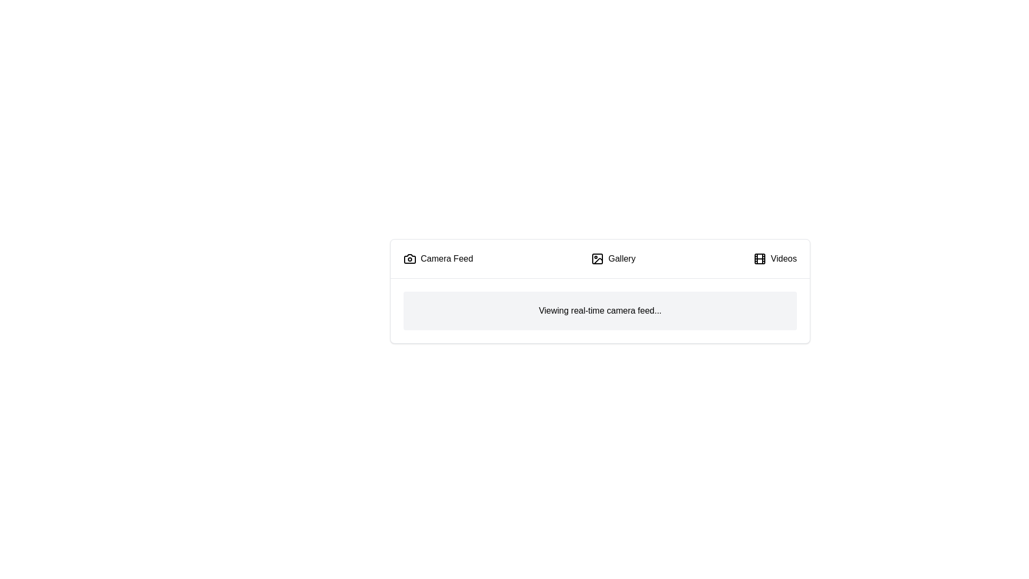 The height and width of the screenshot is (579, 1029). I want to click on the tab labeled Gallery to observe its hover effect, so click(613, 258).